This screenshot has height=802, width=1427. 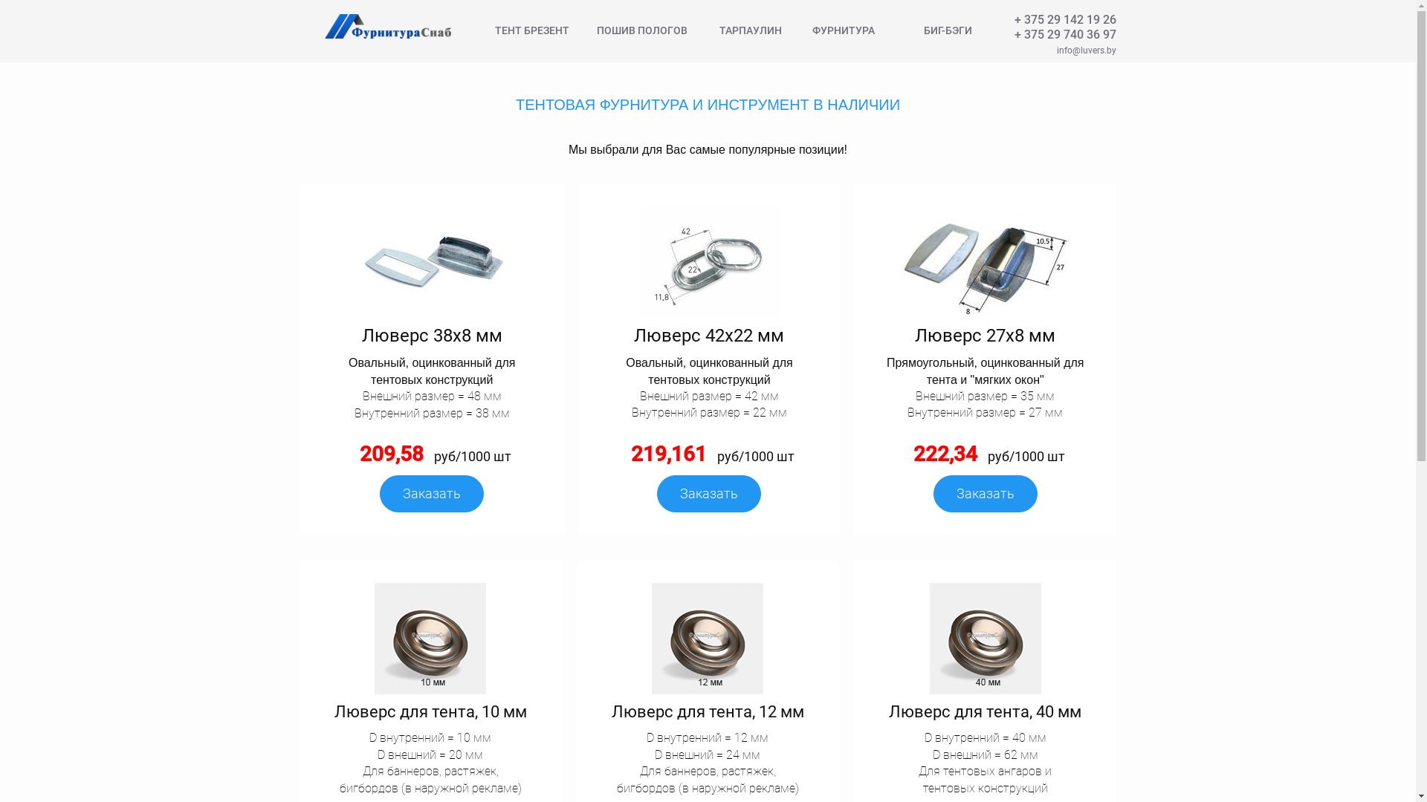 I want to click on '+ 375 29 142 19 26', so click(x=1064, y=20).